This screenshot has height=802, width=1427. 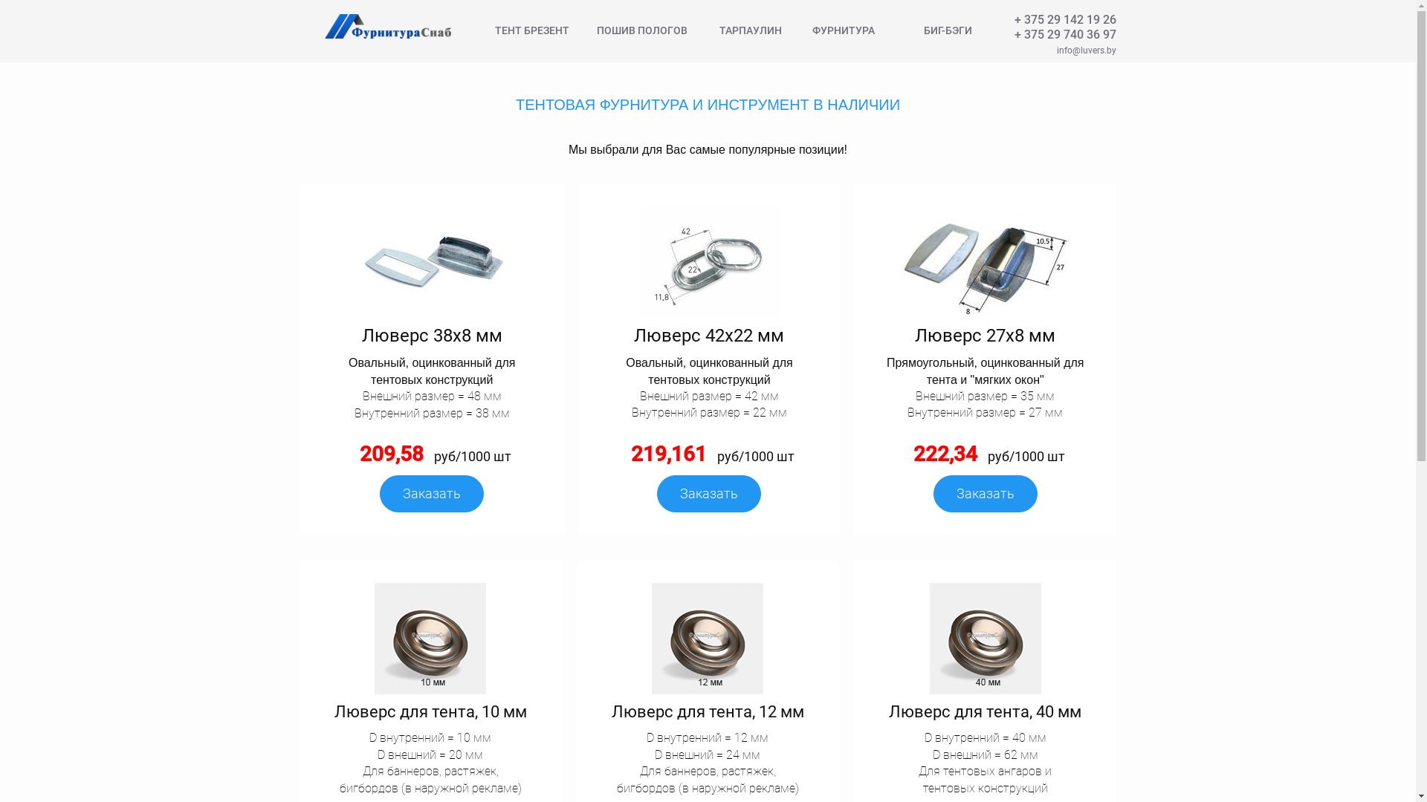 I want to click on '+ 375 29 142 19 26', so click(x=1064, y=20).